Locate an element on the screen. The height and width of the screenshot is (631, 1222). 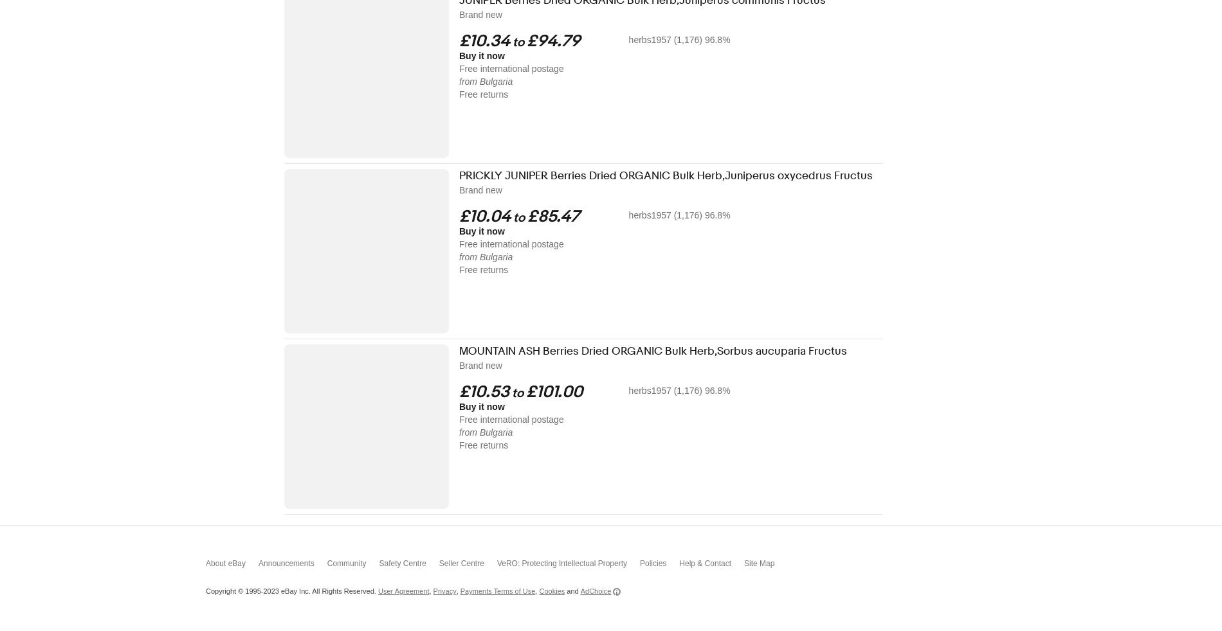
'About eBay' is located at coordinates (224, 564).